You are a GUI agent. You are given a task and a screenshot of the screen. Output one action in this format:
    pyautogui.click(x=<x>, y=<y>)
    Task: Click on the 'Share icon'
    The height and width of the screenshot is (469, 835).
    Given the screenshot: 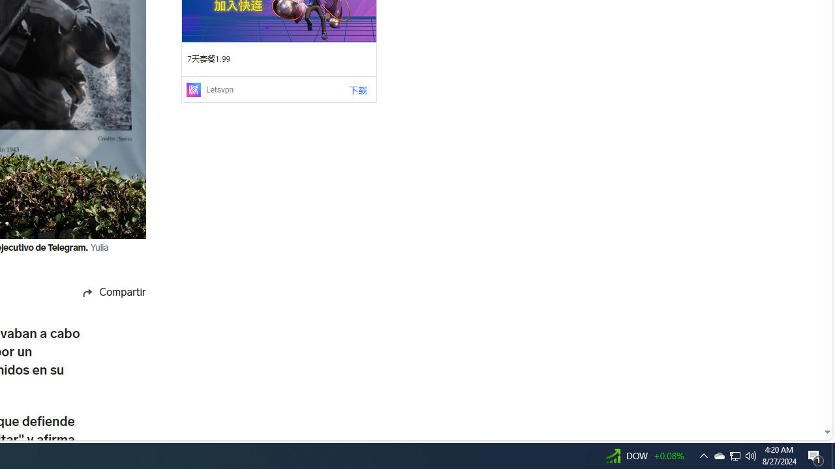 What is the action you would take?
    pyautogui.click(x=87, y=292)
    